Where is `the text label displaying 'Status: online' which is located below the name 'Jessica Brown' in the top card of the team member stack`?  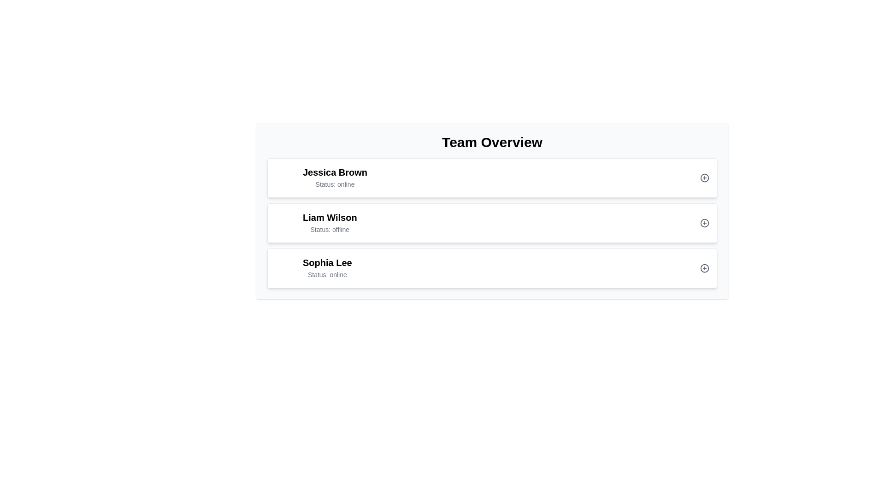
the text label displaying 'Status: online' which is located below the name 'Jessica Brown' in the top card of the team member stack is located at coordinates (335, 184).